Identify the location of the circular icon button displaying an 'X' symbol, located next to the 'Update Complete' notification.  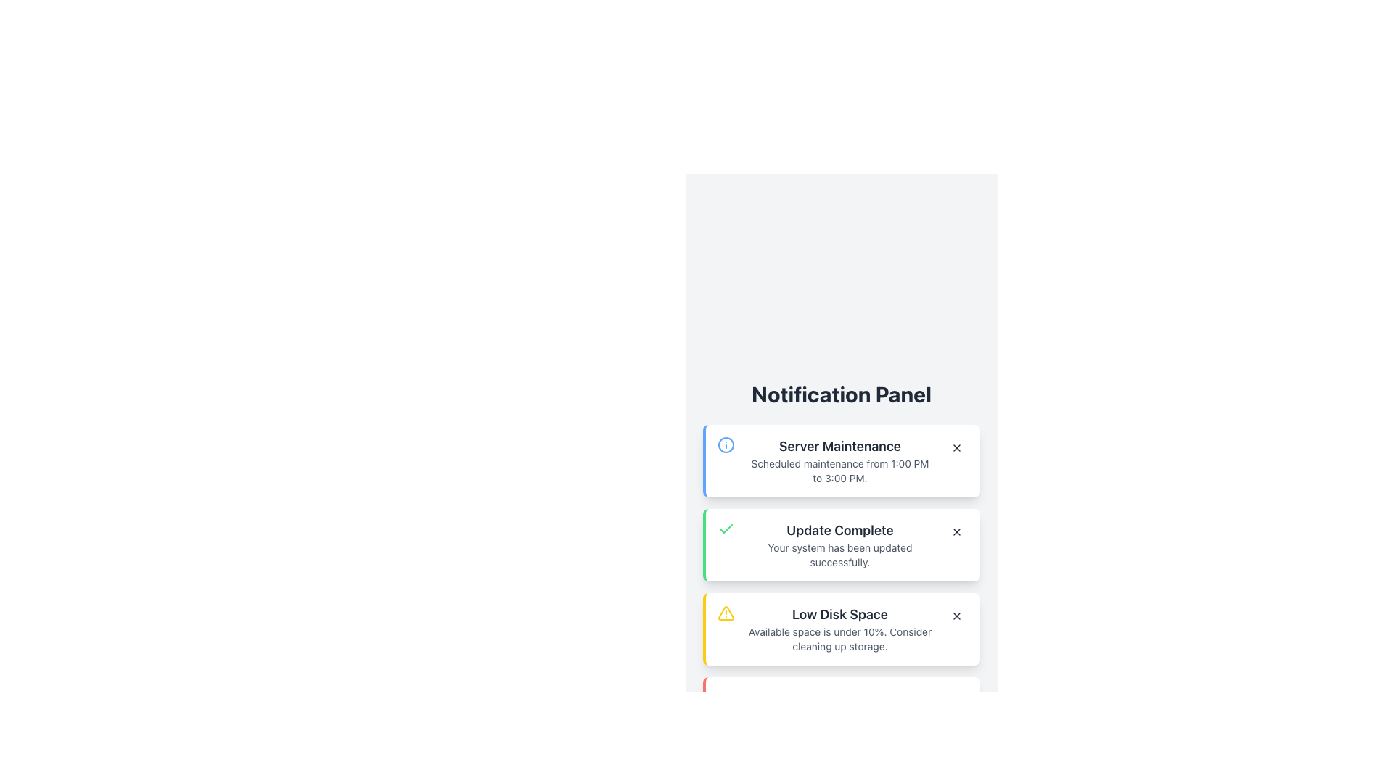
(957, 531).